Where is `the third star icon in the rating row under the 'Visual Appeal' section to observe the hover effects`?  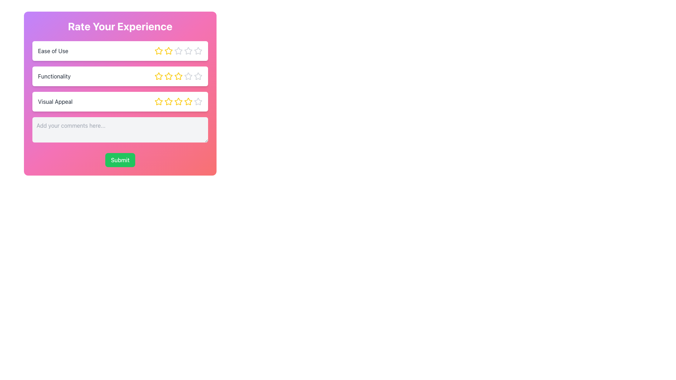
the third star icon in the rating row under the 'Visual Appeal' section to observe the hover effects is located at coordinates (168, 102).